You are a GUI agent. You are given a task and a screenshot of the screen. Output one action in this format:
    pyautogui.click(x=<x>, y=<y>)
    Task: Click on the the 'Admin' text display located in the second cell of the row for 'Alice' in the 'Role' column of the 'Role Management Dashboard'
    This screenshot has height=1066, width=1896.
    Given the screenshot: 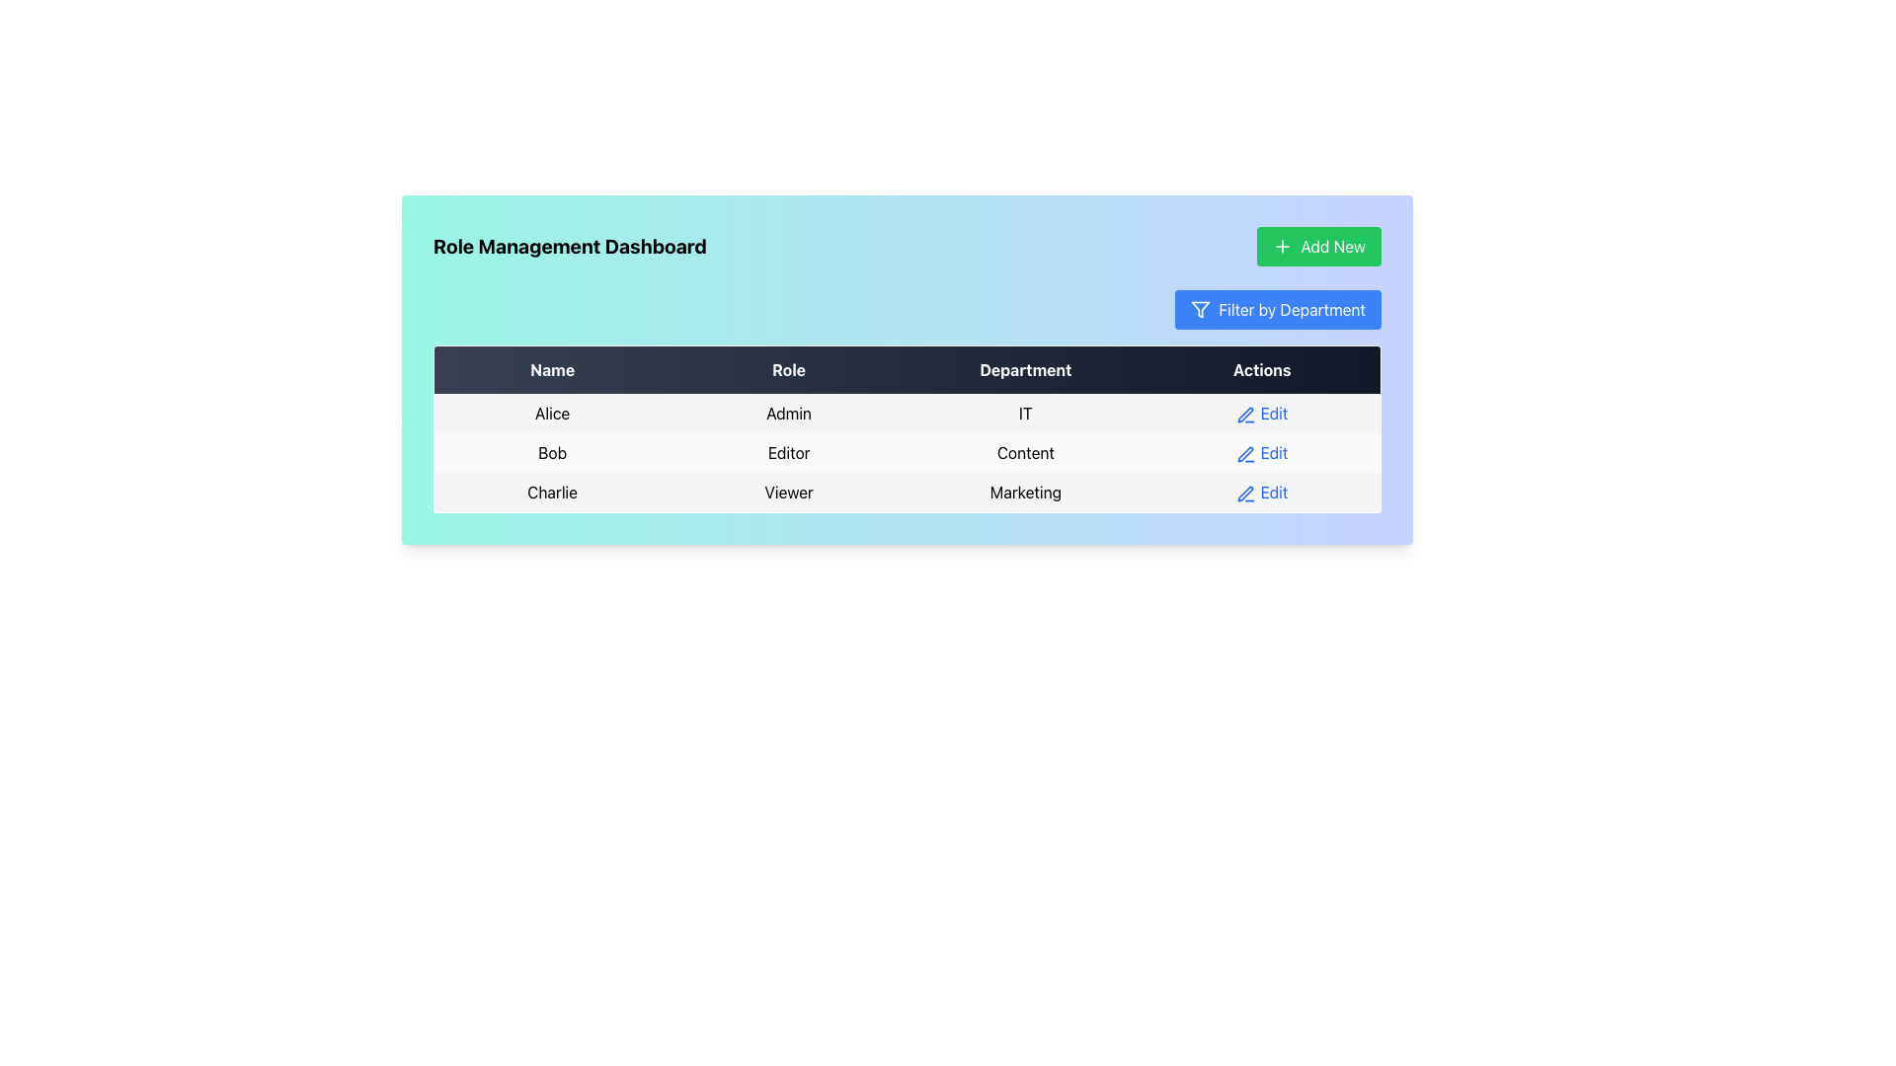 What is the action you would take?
    pyautogui.click(x=788, y=413)
    